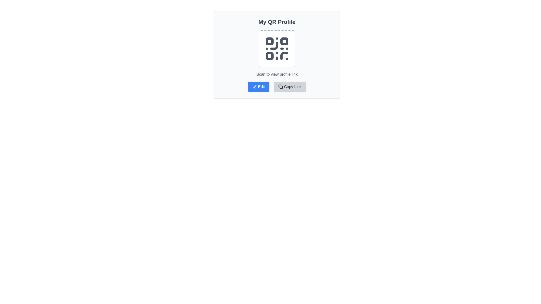 The width and height of the screenshot is (541, 304). I want to click on the small red square with rounded corners located in the top-right section of the QR code graphic, specifically the second block in the pattern, so click(284, 41).